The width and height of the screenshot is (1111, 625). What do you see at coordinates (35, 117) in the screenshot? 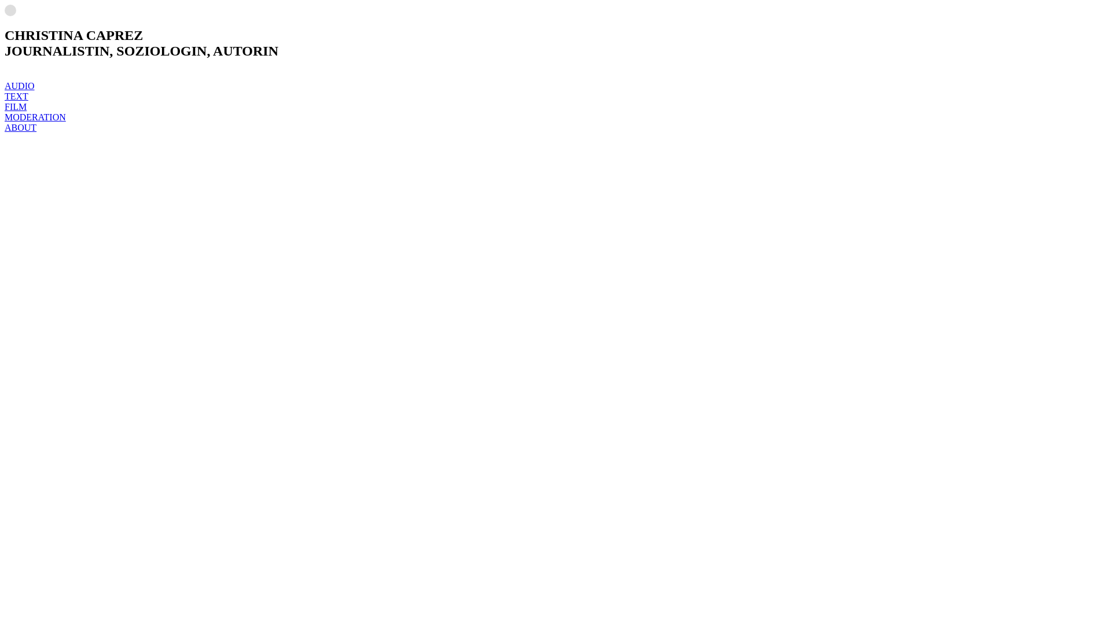
I see `'MODERATION'` at bounding box center [35, 117].